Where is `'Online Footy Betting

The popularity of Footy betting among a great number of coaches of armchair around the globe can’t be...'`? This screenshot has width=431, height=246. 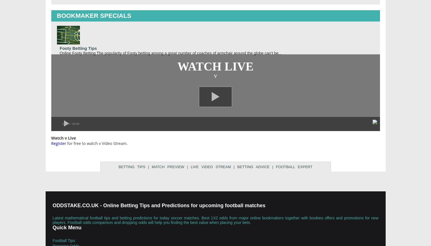
'Online Footy Betting

The popularity of Footy betting among a great number of coaches of armchair around the globe can’t be...' is located at coordinates (171, 53).